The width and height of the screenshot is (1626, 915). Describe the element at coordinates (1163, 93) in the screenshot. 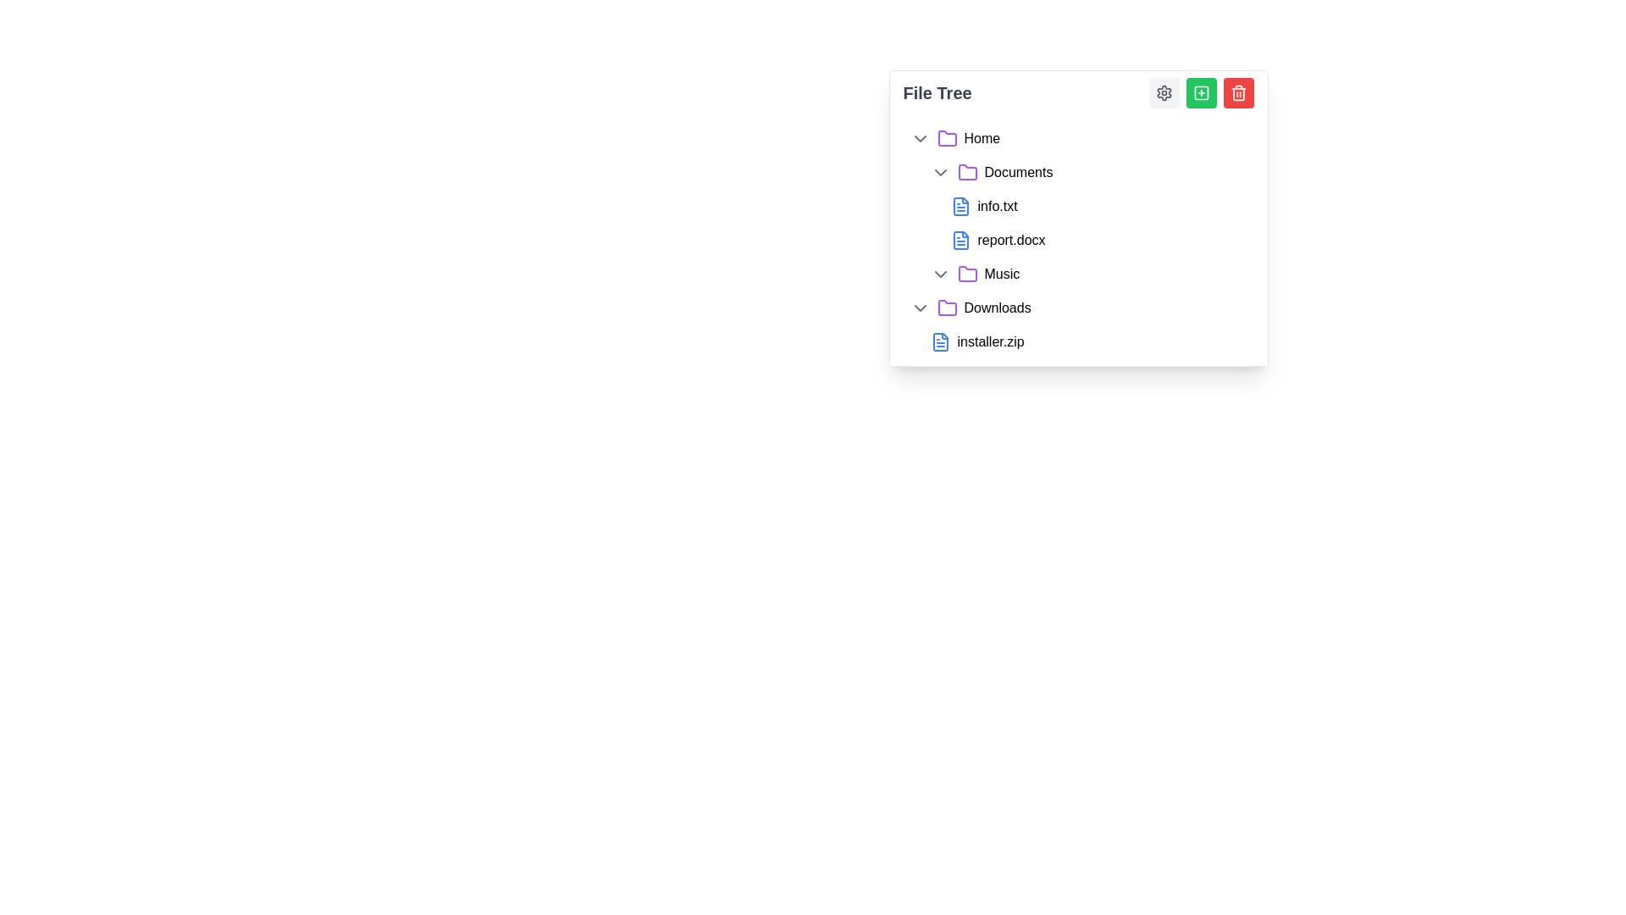

I see `the rounded gray button with a gear-shaped icon located in the top right corner of the file tree widget` at that location.